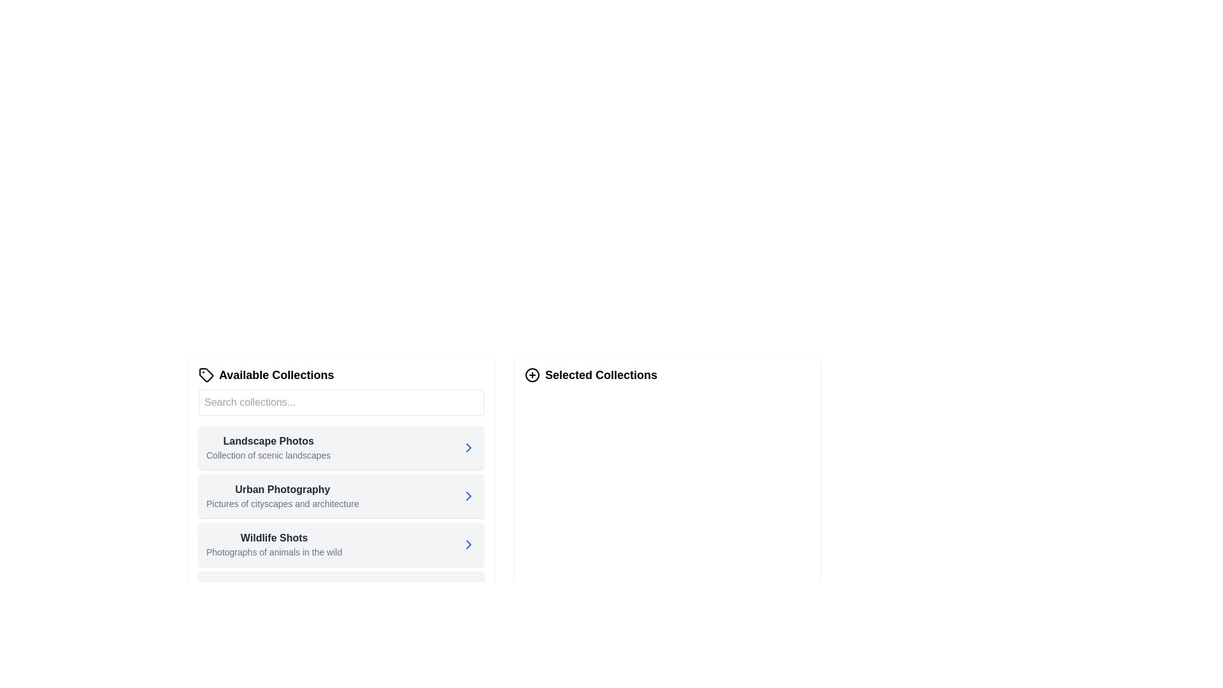 Image resolution: width=1223 pixels, height=688 pixels. I want to click on the 'Urban Photography' text label, which is bold and dark gray, for navigation or selection, so click(282, 489).